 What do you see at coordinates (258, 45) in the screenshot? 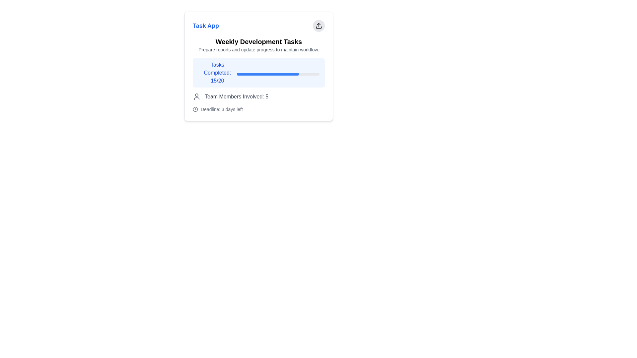
I see `the textual heading and subheading component that presents the section title 'Weekly Development Tasks' and the subtitle 'Prepare reports and update progress to maintain workflow'` at bounding box center [258, 45].